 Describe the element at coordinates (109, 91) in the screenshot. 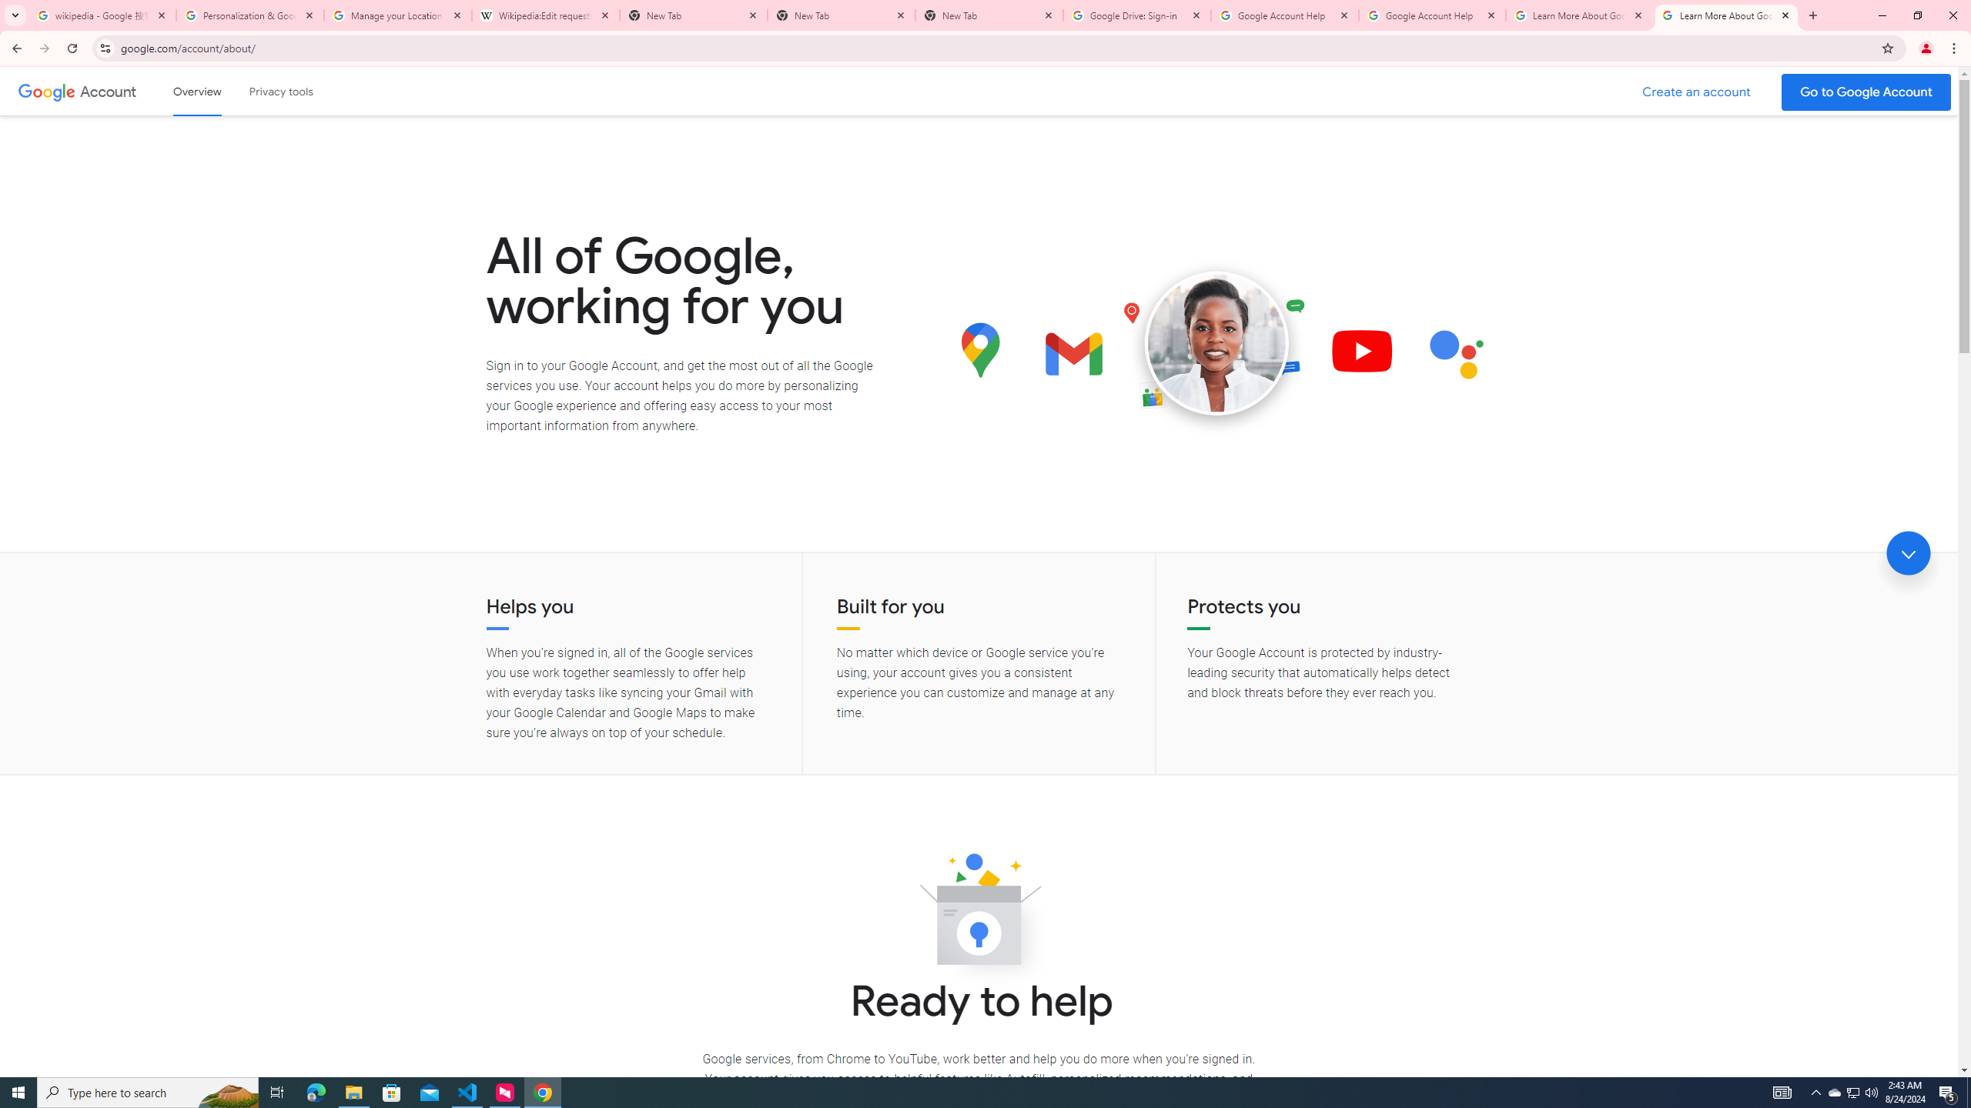

I see `'Google Account'` at that location.